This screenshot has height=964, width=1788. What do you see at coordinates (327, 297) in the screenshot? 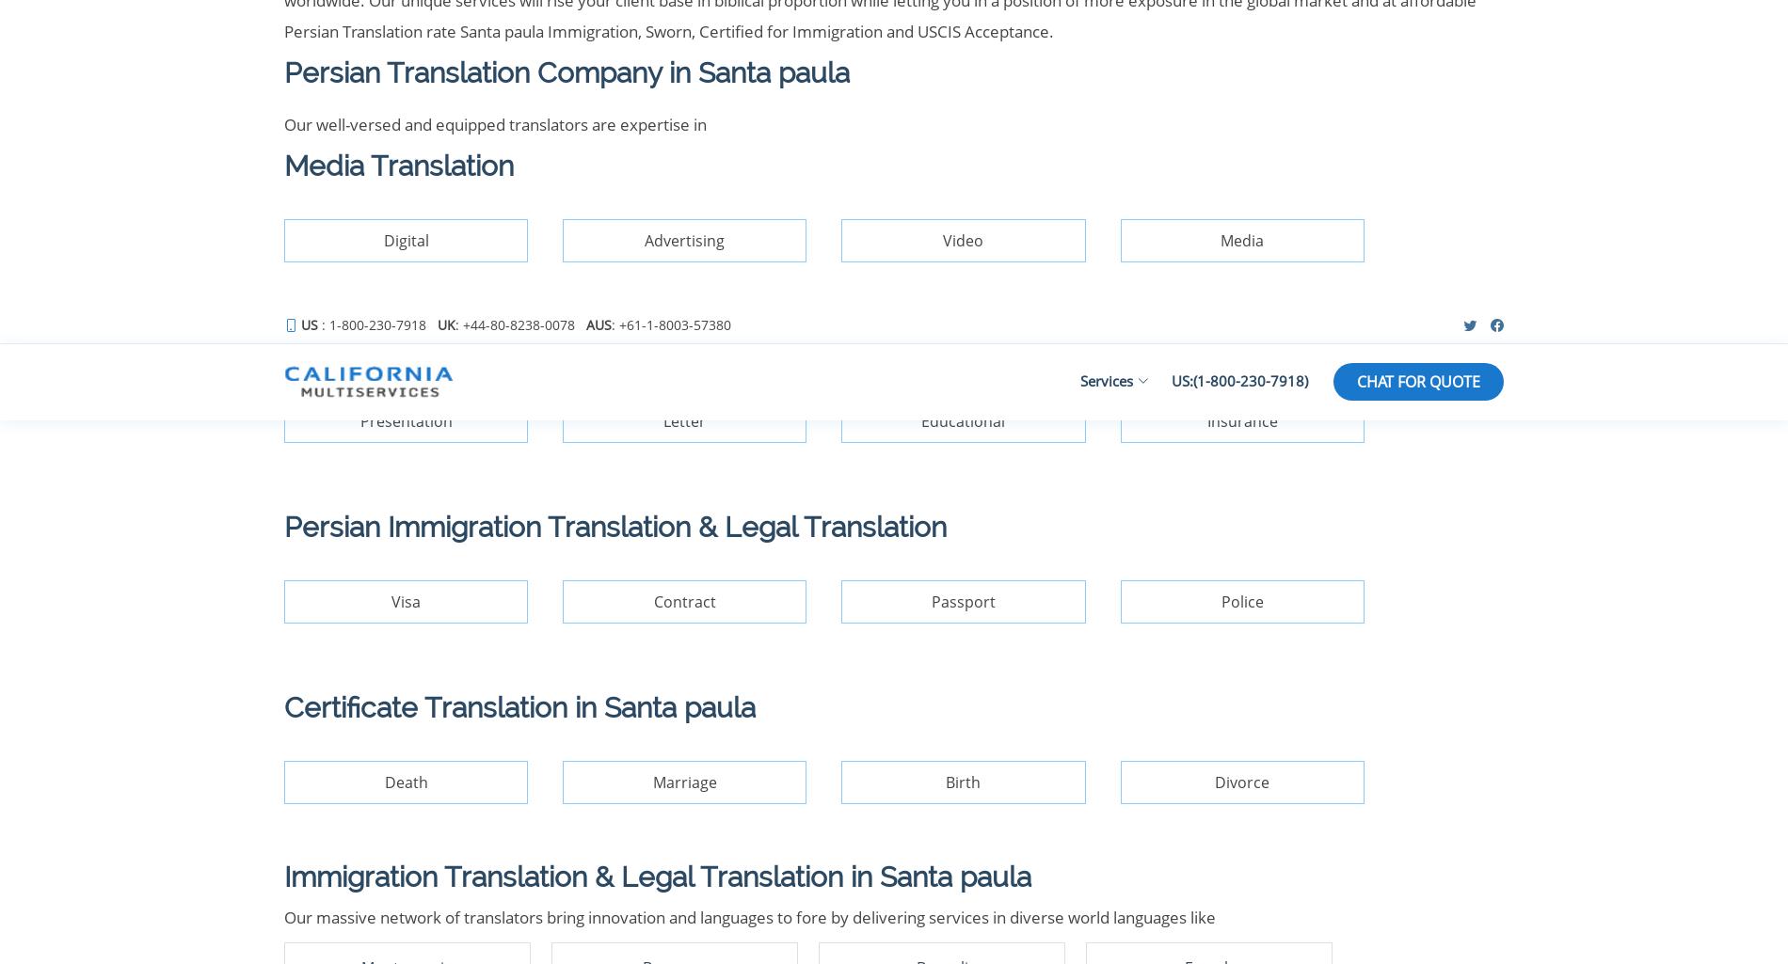
I see `'Our Services'` at bounding box center [327, 297].